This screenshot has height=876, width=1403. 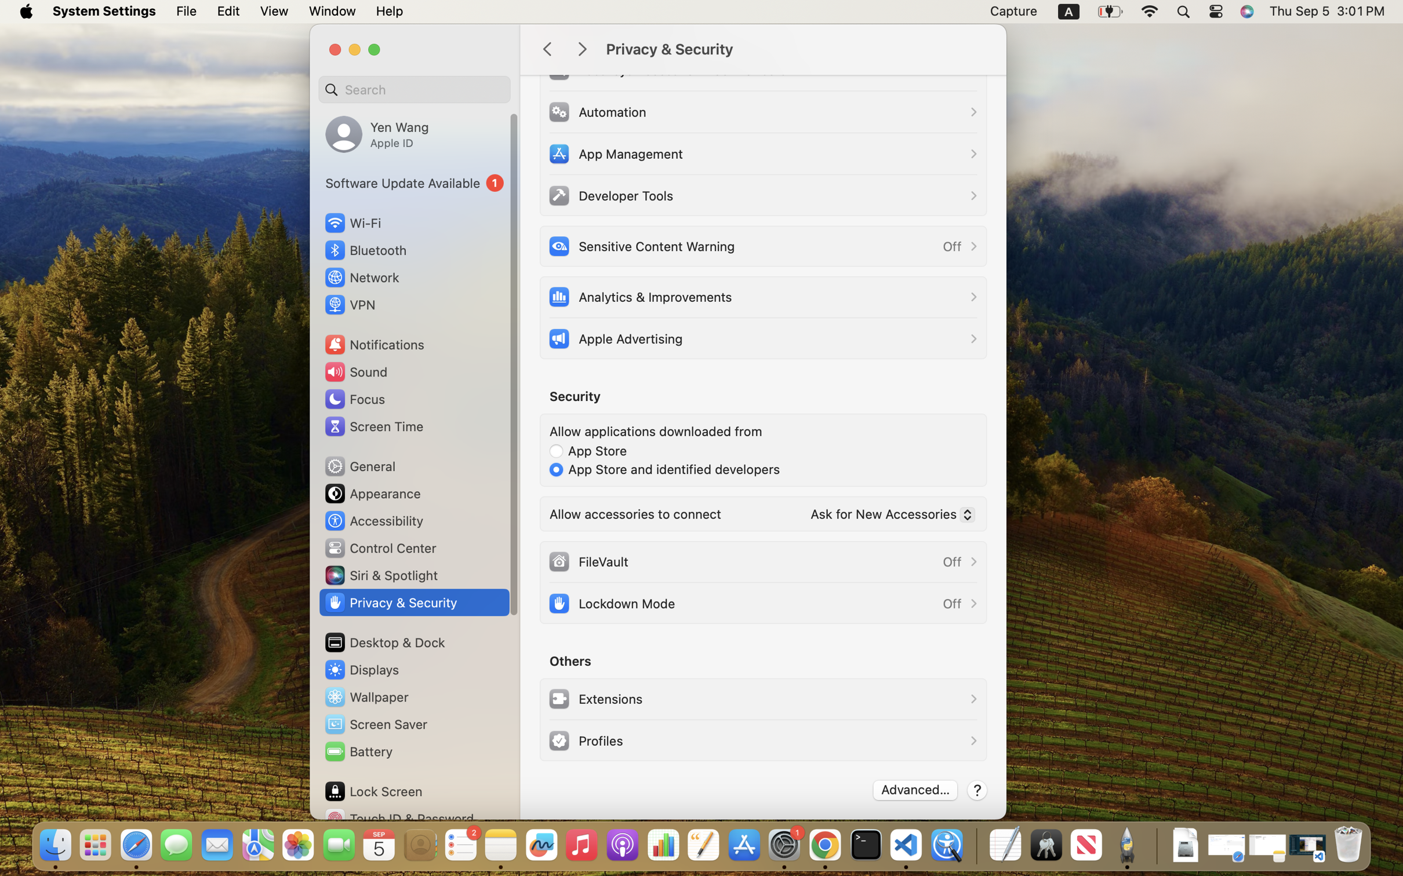 I want to click on 'Notifications', so click(x=373, y=344).